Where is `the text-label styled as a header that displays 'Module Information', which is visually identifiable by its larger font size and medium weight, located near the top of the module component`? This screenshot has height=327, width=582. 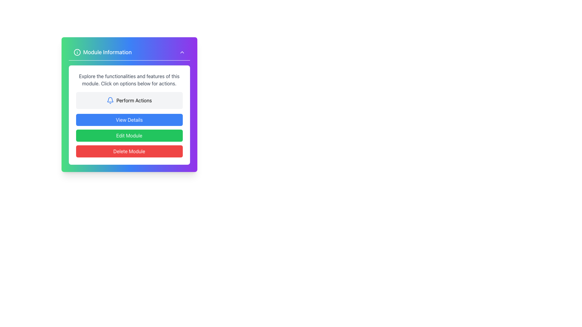 the text-label styled as a header that displays 'Module Information', which is visually identifiable by its larger font size and medium weight, located near the top of the module component is located at coordinates (107, 52).